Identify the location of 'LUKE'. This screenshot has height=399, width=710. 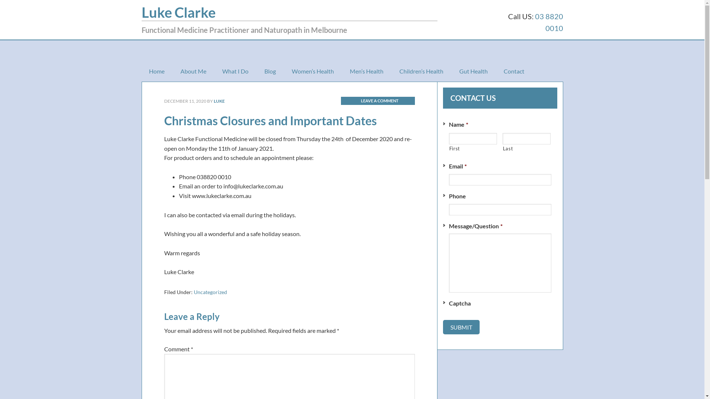
(213, 101).